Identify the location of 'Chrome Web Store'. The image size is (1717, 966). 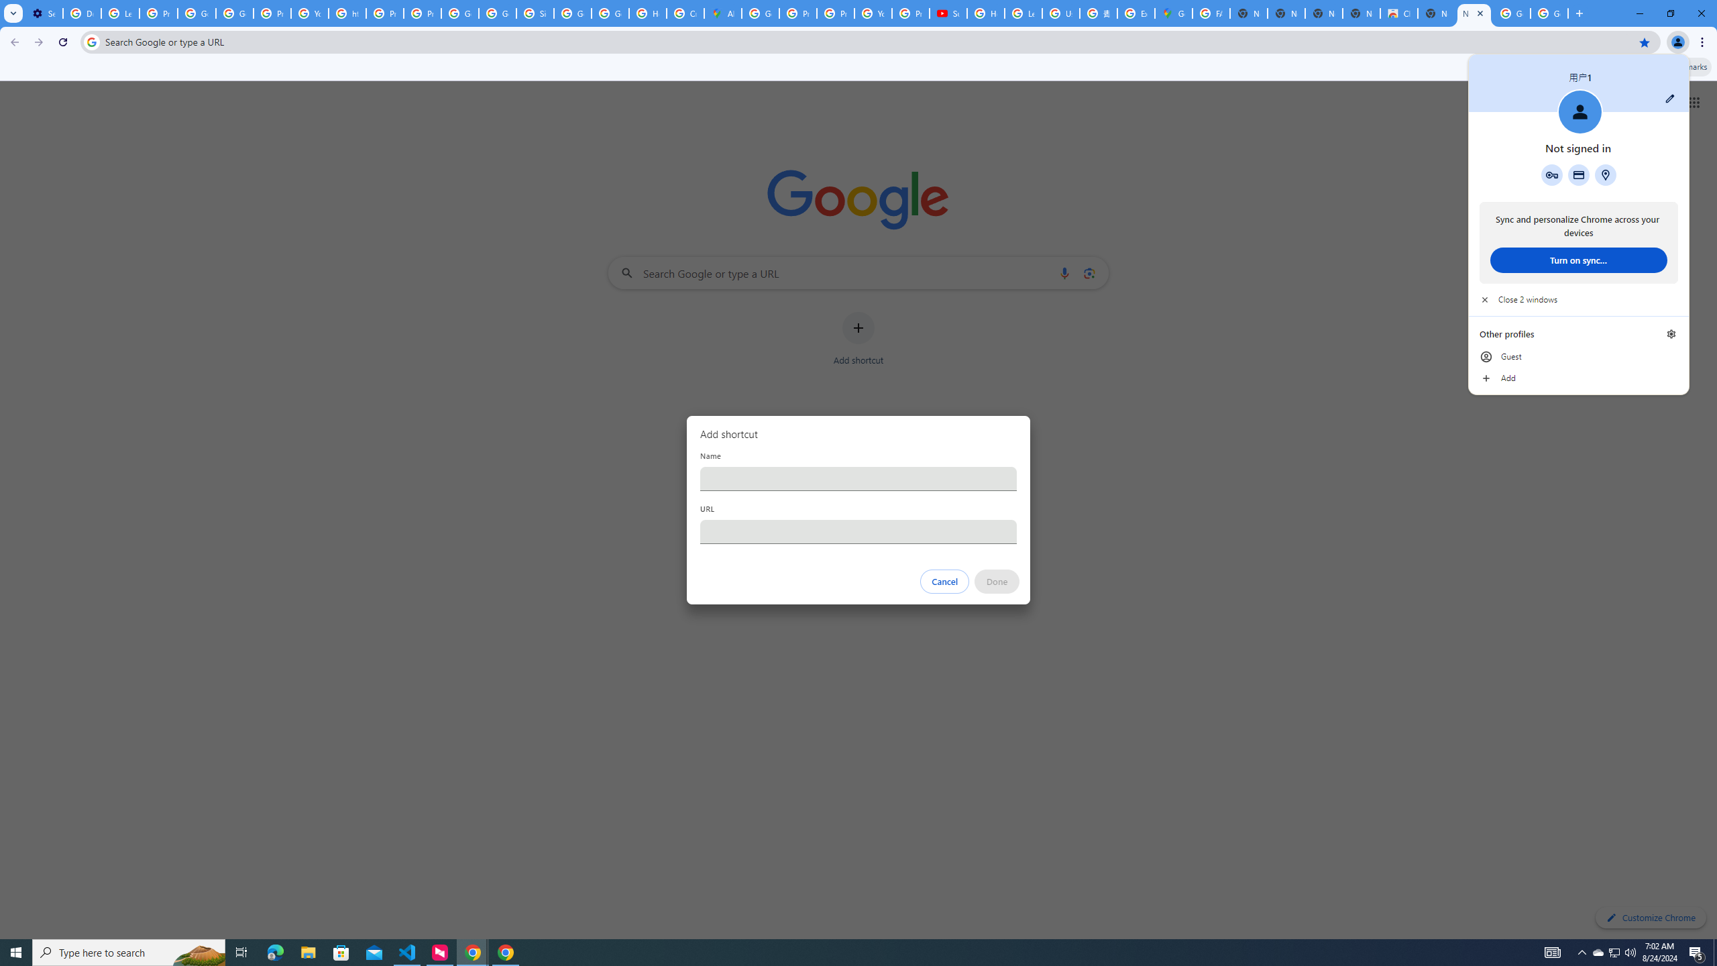
(1398, 13).